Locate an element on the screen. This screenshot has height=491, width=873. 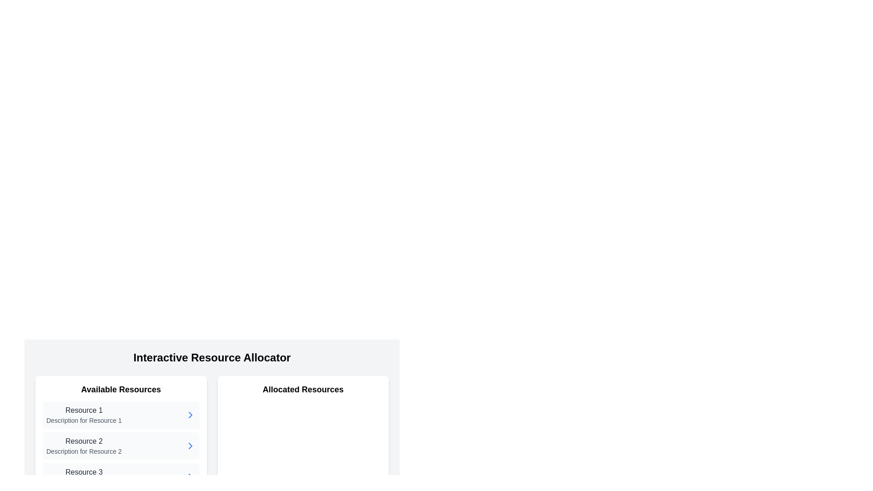
the first selectable list item under 'Available Resources' in the left column, which contains text content for a resource is located at coordinates (84, 415).